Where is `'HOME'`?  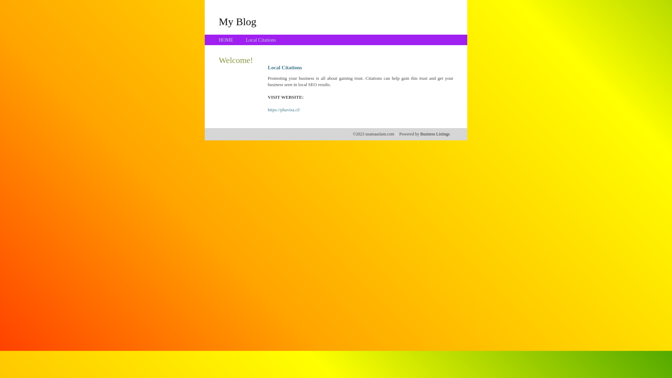
'HOME' is located at coordinates (218, 40).